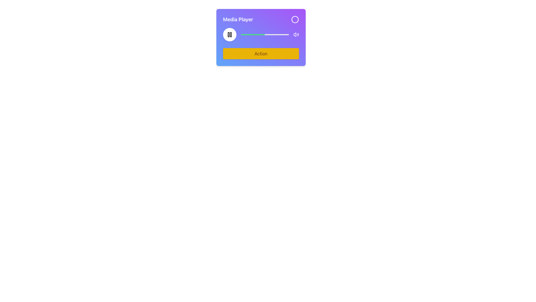 This screenshot has height=302, width=536. What do you see at coordinates (298, 34) in the screenshot?
I see `outermost sound wave icon of the speaker graphic element located in the top-right section of the media player interface` at bounding box center [298, 34].